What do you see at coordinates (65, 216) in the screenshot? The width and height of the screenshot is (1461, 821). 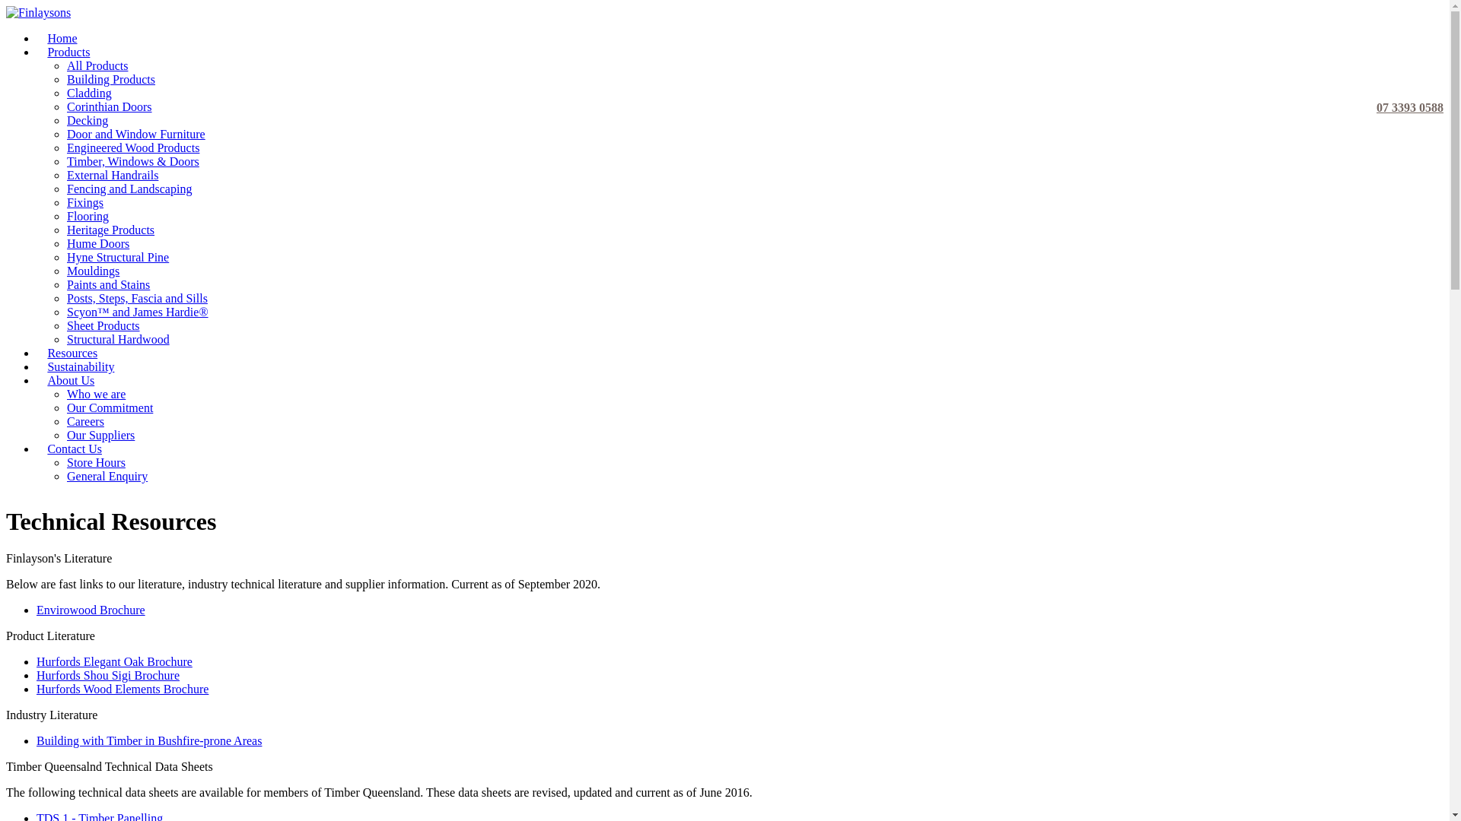 I see `'Flooring'` at bounding box center [65, 216].